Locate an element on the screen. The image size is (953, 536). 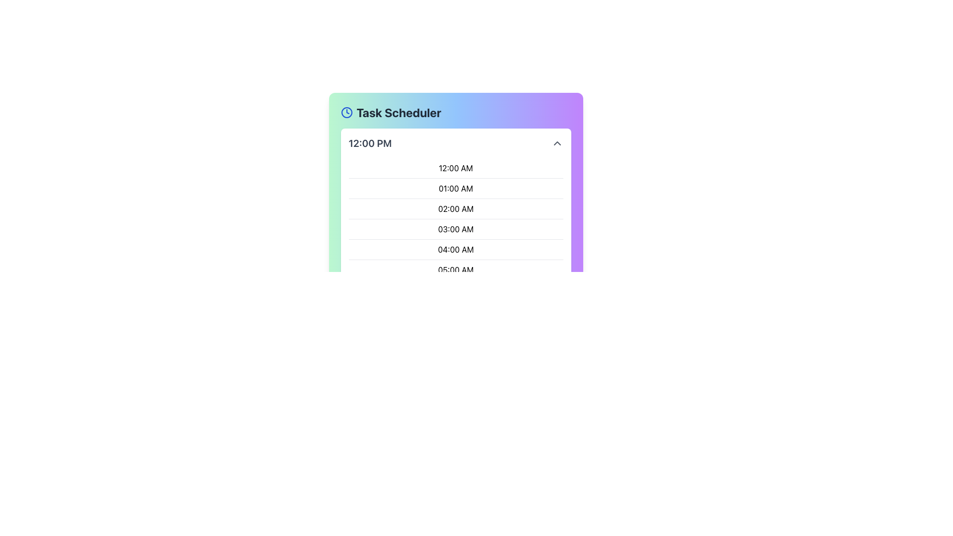
the text element displaying '12:00 PM' in a large, bold, dark gray font located in the top-left section of the schedule interface is located at coordinates (369, 143).